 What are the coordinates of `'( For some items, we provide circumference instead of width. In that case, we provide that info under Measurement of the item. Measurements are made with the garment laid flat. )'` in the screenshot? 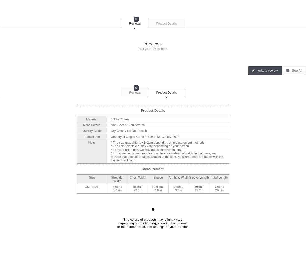 It's located at (167, 156).